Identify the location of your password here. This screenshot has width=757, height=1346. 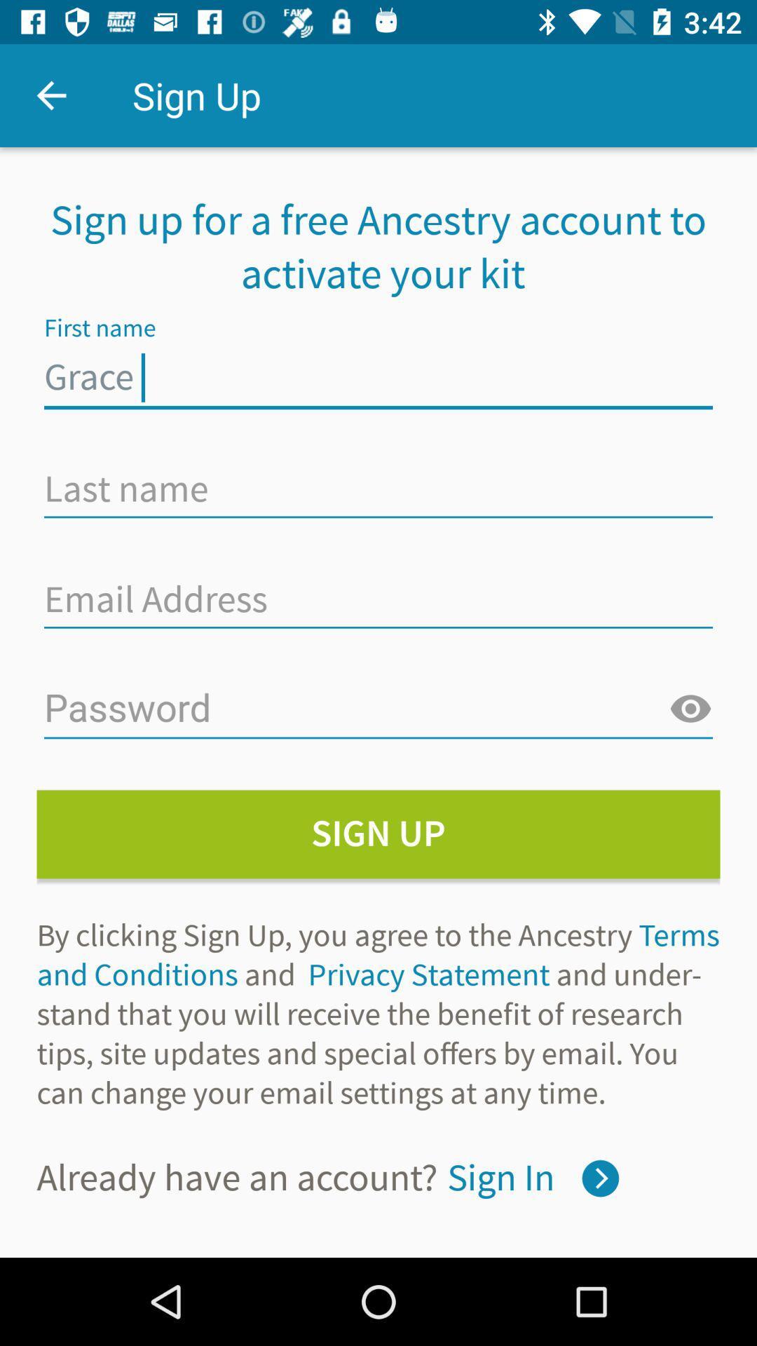
(378, 709).